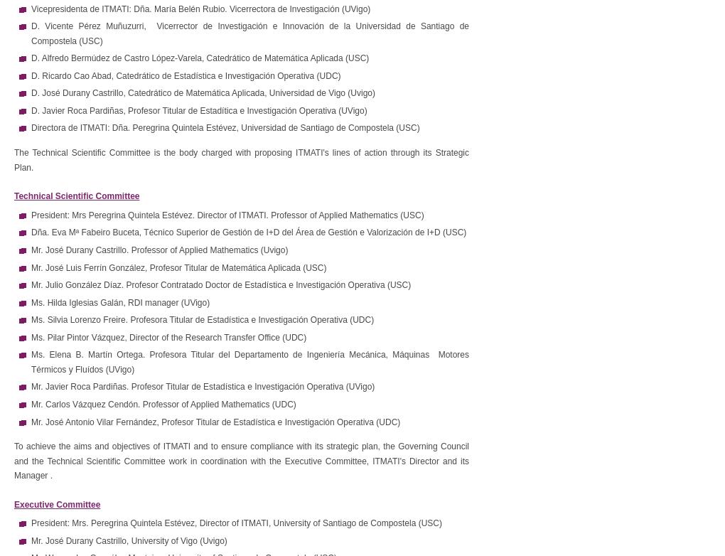 Image resolution: width=725 pixels, height=556 pixels. I want to click on 'Mr. Julio González Díaz. Profesor Contratado Doctor de Estadística e Investigación Operativa (USC)', so click(220, 285).